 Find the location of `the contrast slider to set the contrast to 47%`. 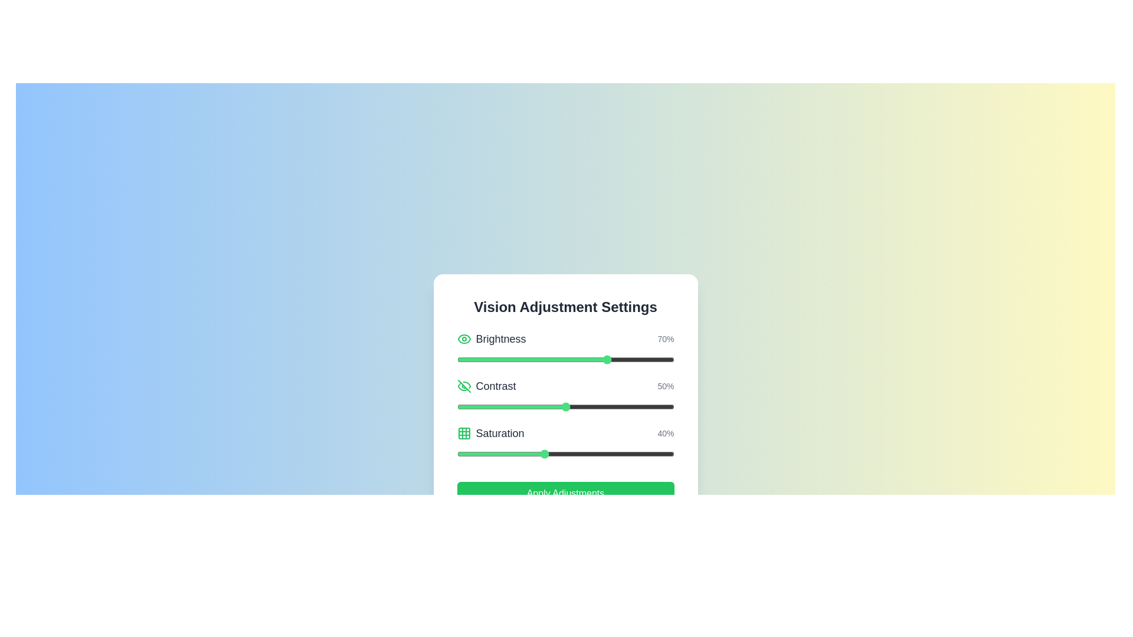

the contrast slider to set the contrast to 47% is located at coordinates (558, 406).